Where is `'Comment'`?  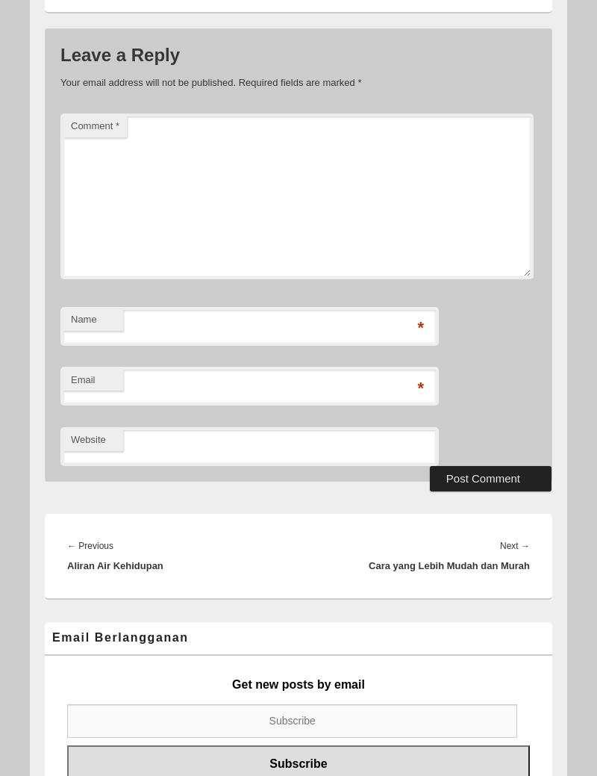 'Comment' is located at coordinates (92, 125).